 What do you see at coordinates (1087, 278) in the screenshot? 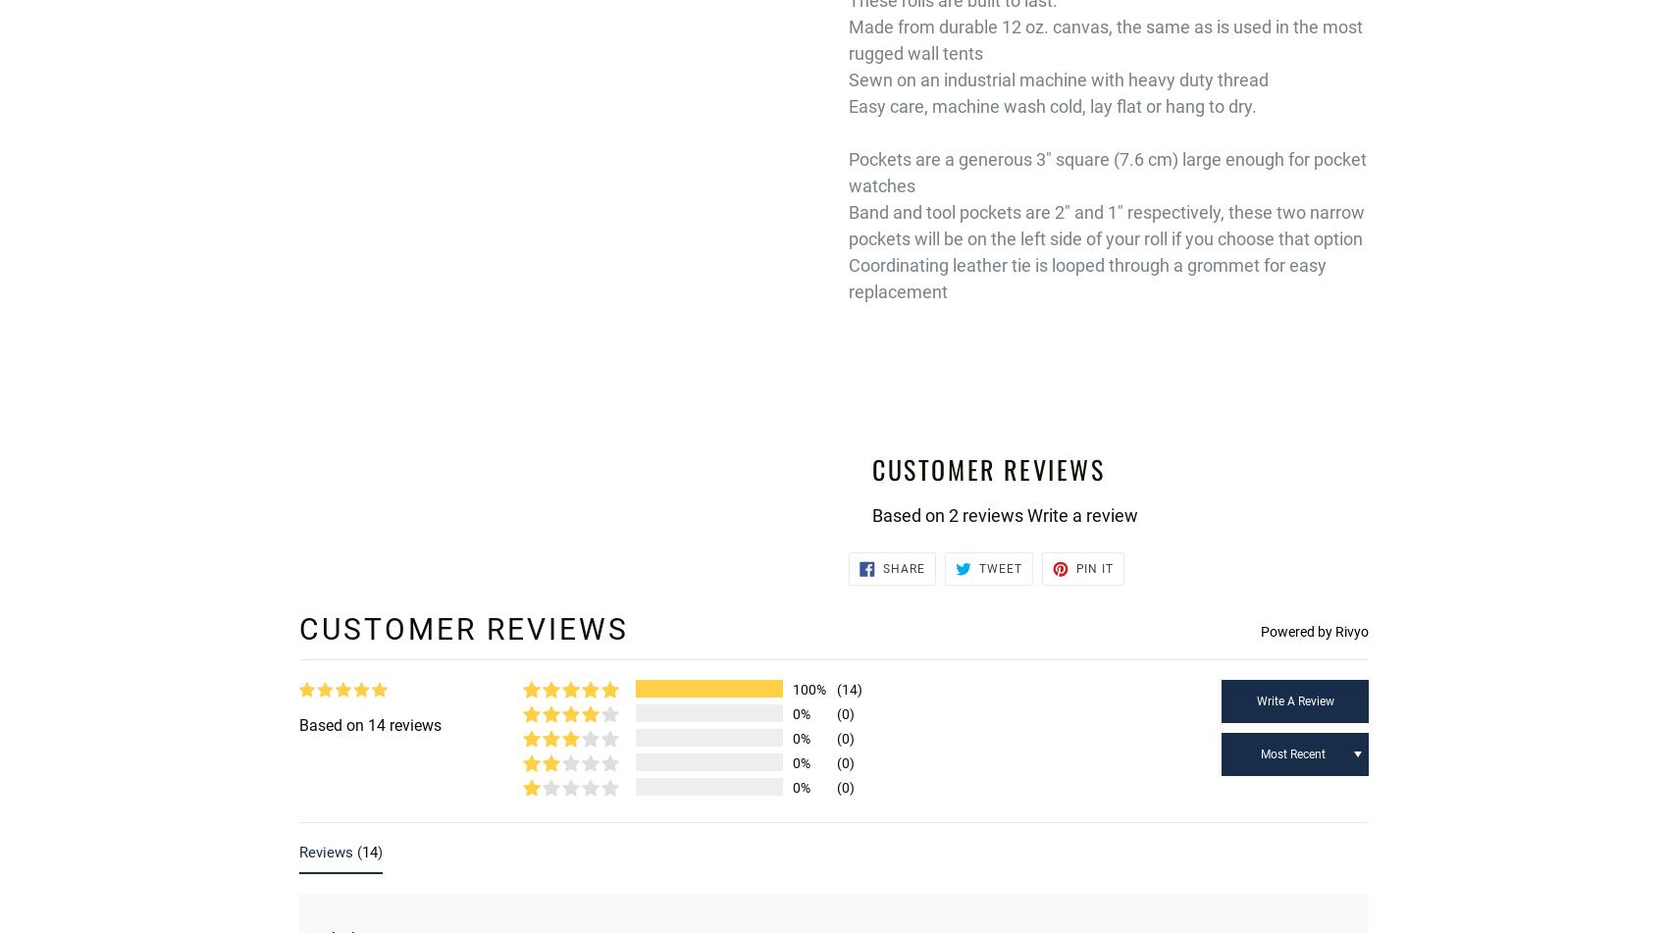
I see `'Coordinating leather tie is looped through a grommet for easy replacement'` at bounding box center [1087, 278].